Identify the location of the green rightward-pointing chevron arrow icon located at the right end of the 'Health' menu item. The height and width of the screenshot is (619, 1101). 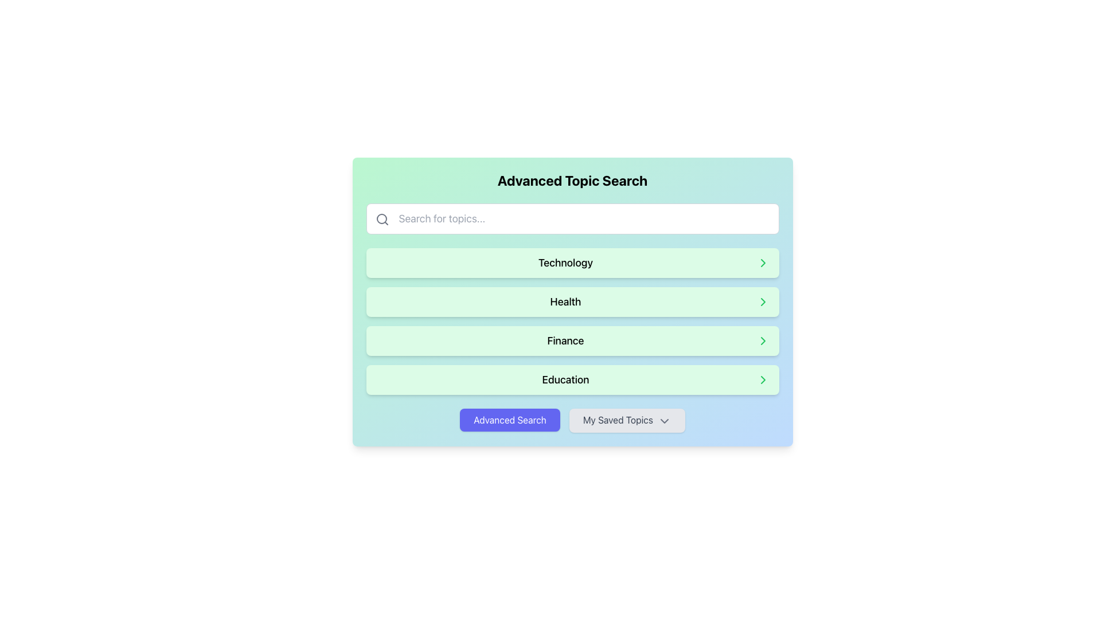
(763, 301).